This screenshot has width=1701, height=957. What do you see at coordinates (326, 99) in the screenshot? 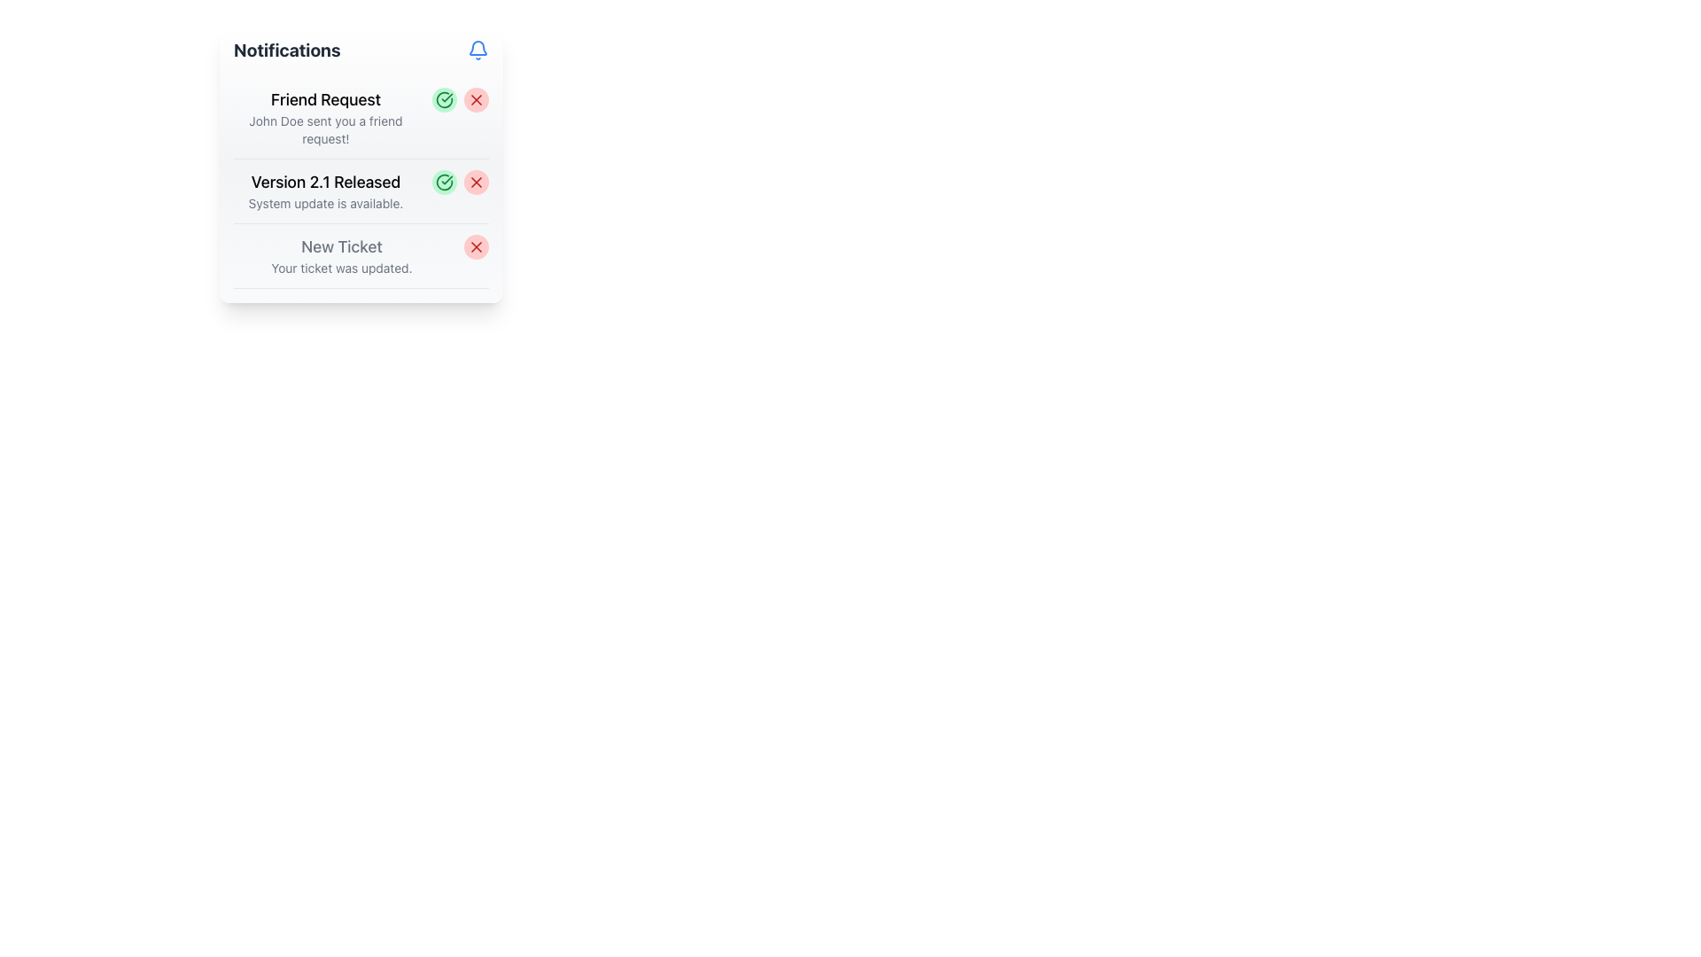
I see `the bold title 'Friend Request' to highlight it` at bounding box center [326, 99].